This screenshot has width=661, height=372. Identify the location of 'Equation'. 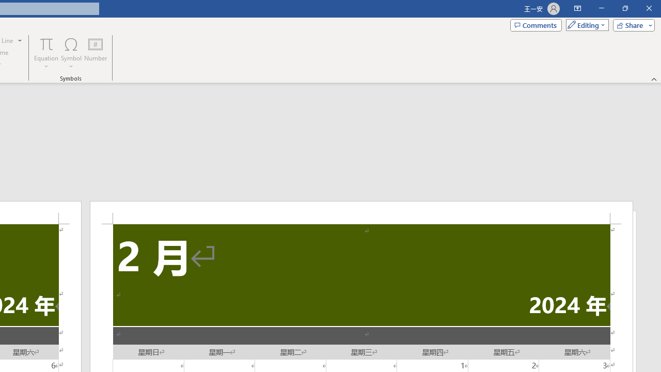
(46, 43).